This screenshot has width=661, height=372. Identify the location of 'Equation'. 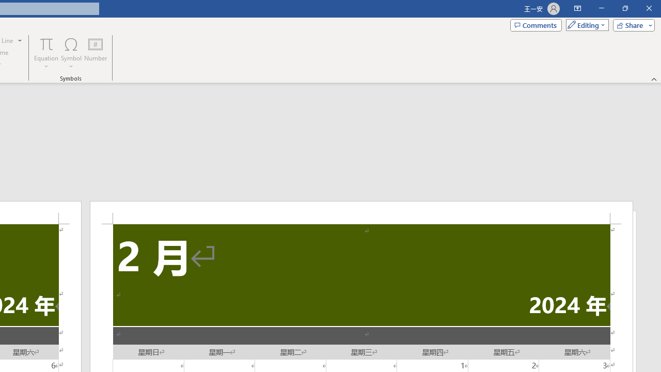
(46, 43).